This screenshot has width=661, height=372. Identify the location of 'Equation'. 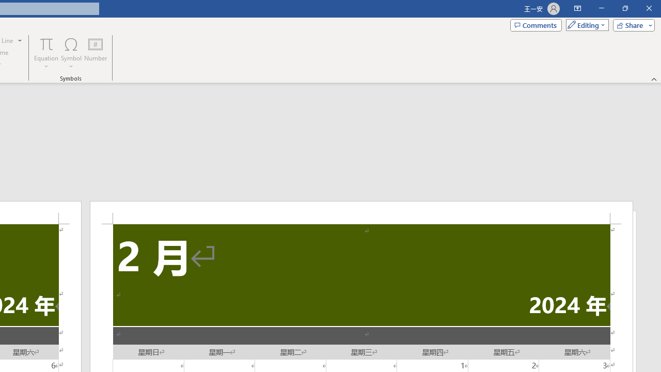
(46, 43).